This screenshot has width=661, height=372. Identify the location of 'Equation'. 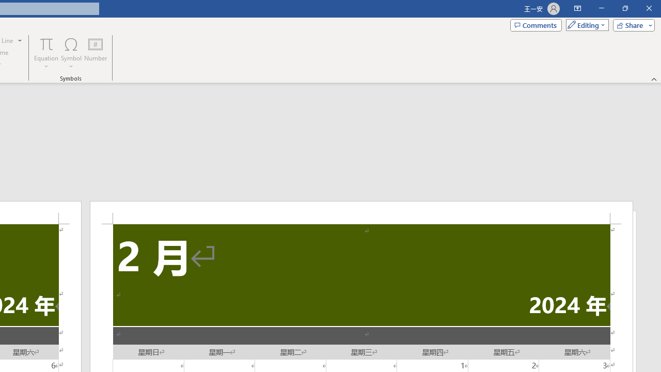
(46, 43).